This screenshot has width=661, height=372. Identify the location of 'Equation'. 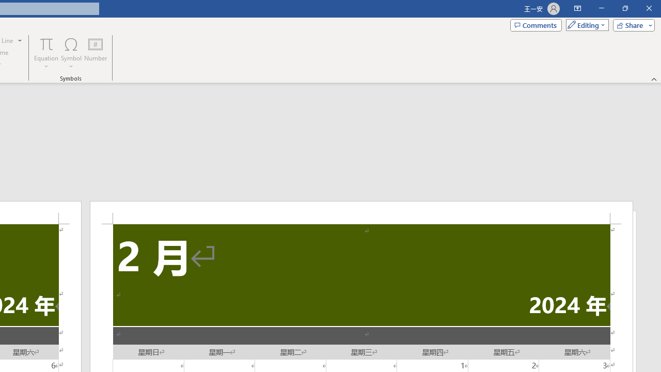
(46, 43).